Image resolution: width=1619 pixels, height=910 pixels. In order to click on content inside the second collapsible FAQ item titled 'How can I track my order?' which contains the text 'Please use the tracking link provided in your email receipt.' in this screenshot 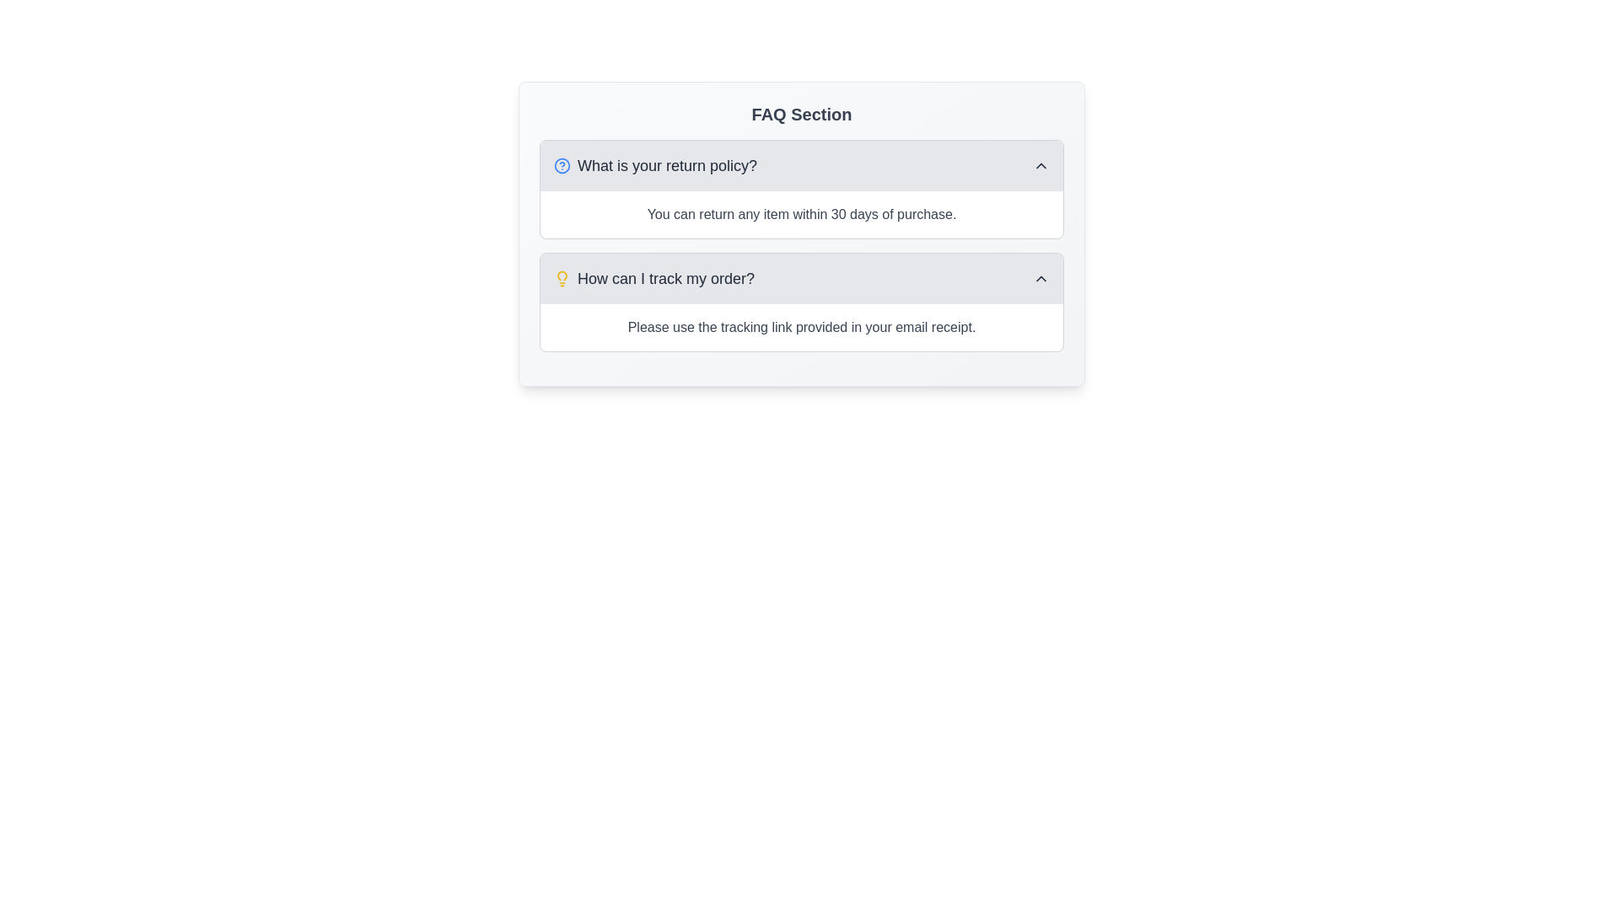, I will do `click(800, 301)`.